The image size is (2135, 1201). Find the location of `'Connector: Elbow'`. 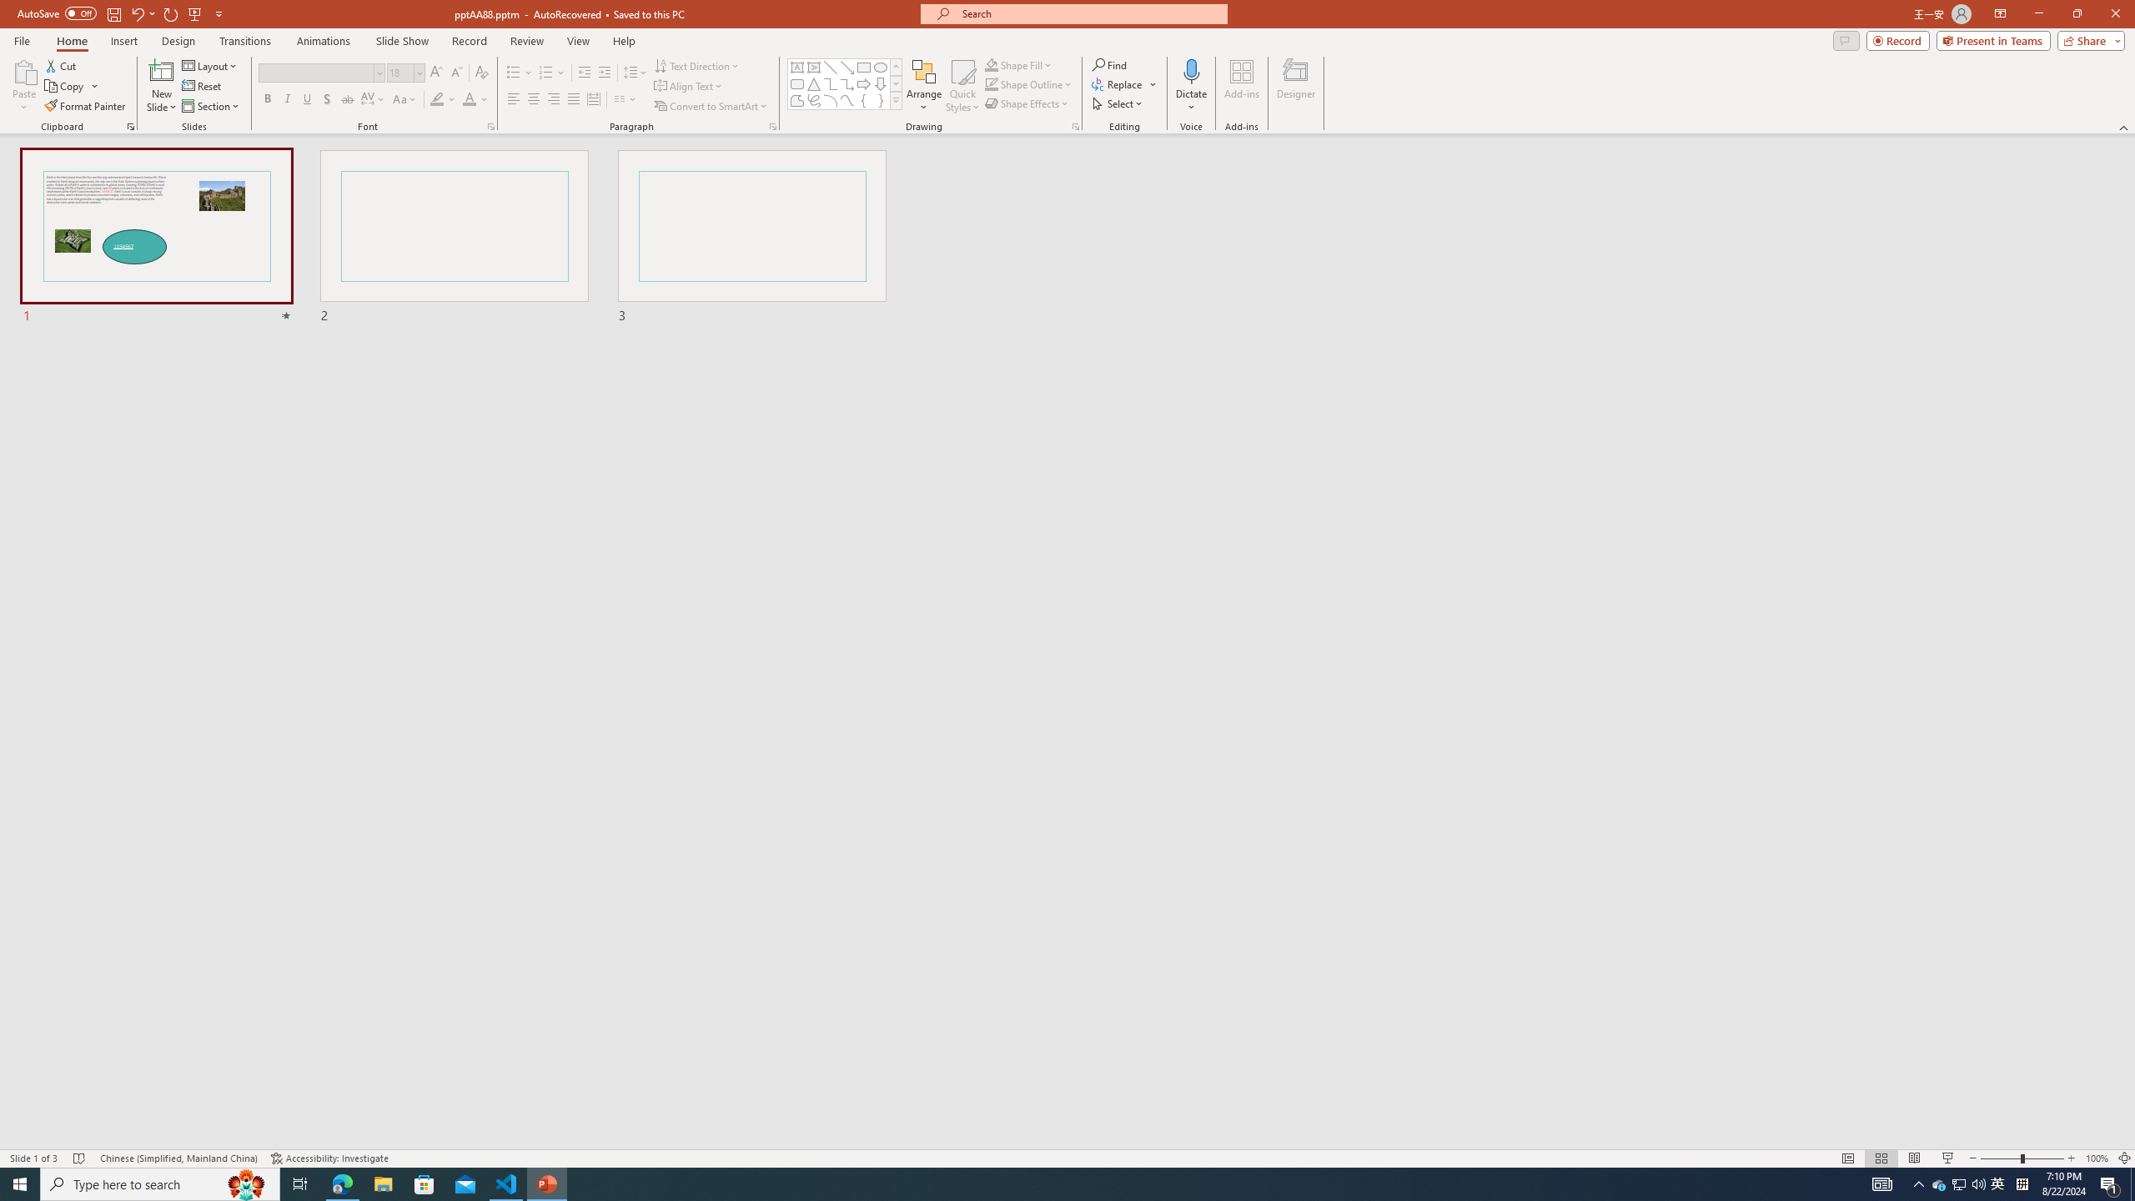

'Connector: Elbow' is located at coordinates (829, 83).